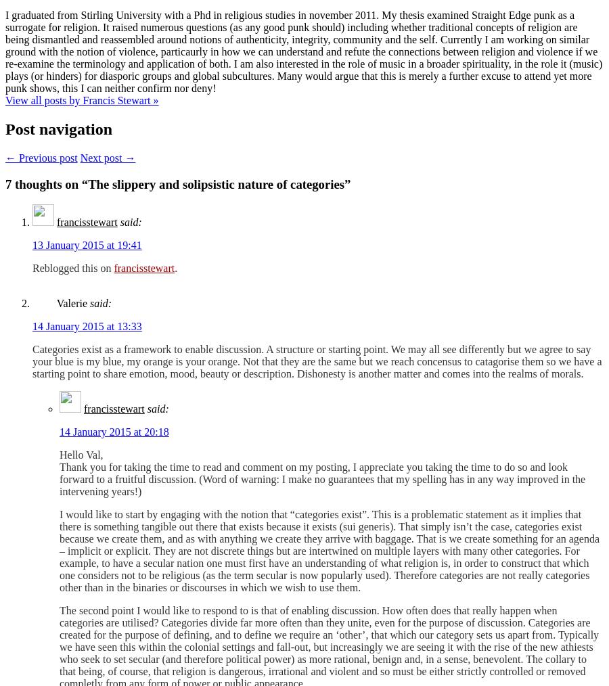  I want to click on '13 January 2015 at 19:41', so click(87, 244).